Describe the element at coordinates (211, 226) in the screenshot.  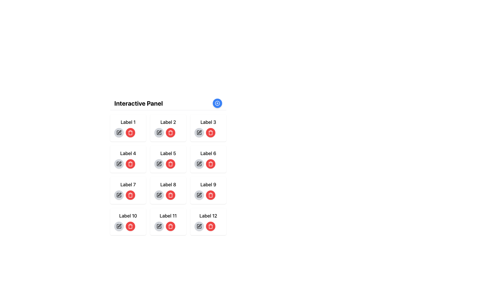
I see `the second button in the control pair associated with 'Label 12'` at that location.